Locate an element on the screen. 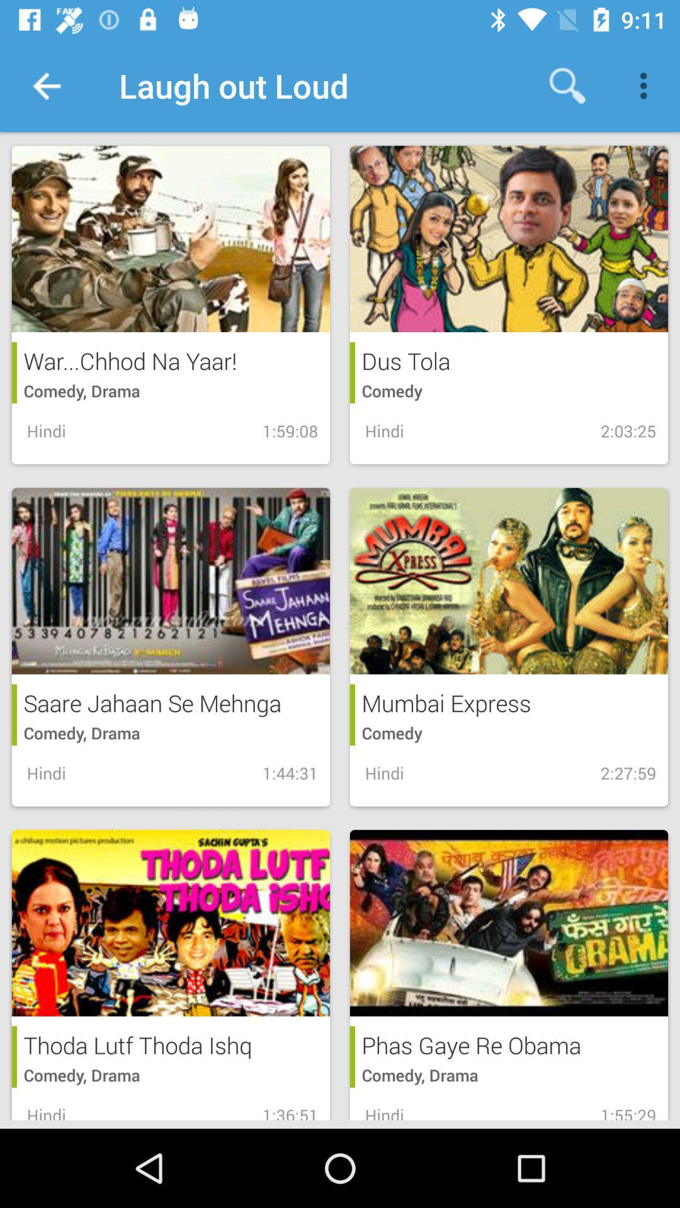  the app next to the laugh out loud  item is located at coordinates (45, 85).